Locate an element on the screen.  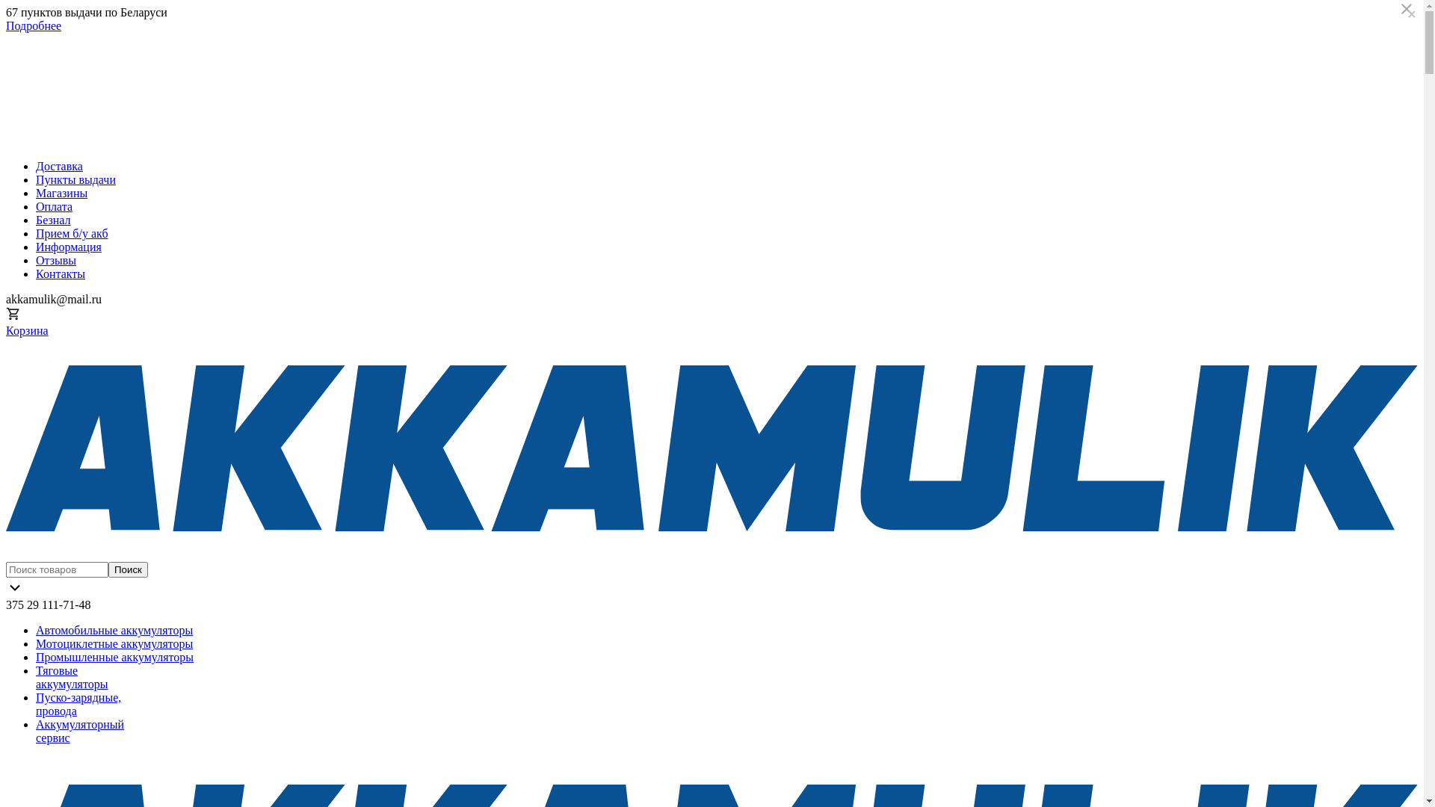
'375 29 111-71-48' is located at coordinates (48, 604).